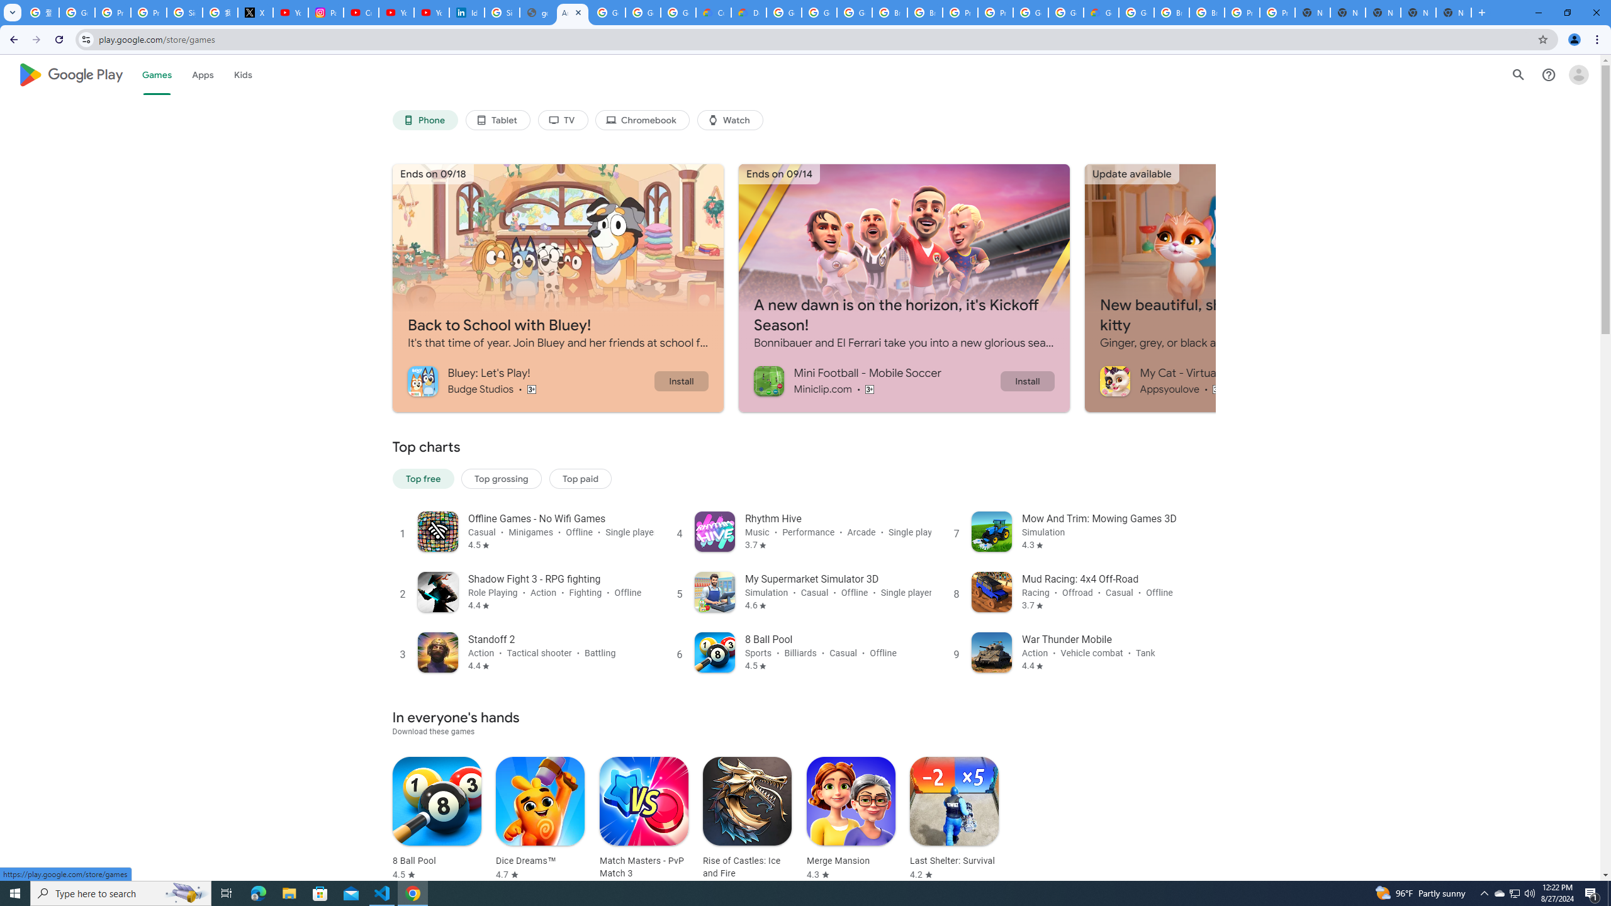 The image size is (1611, 906). Describe the element at coordinates (435, 819) in the screenshot. I see `'8 Ball Pool Rated 4.5 stars out of five stars'` at that location.